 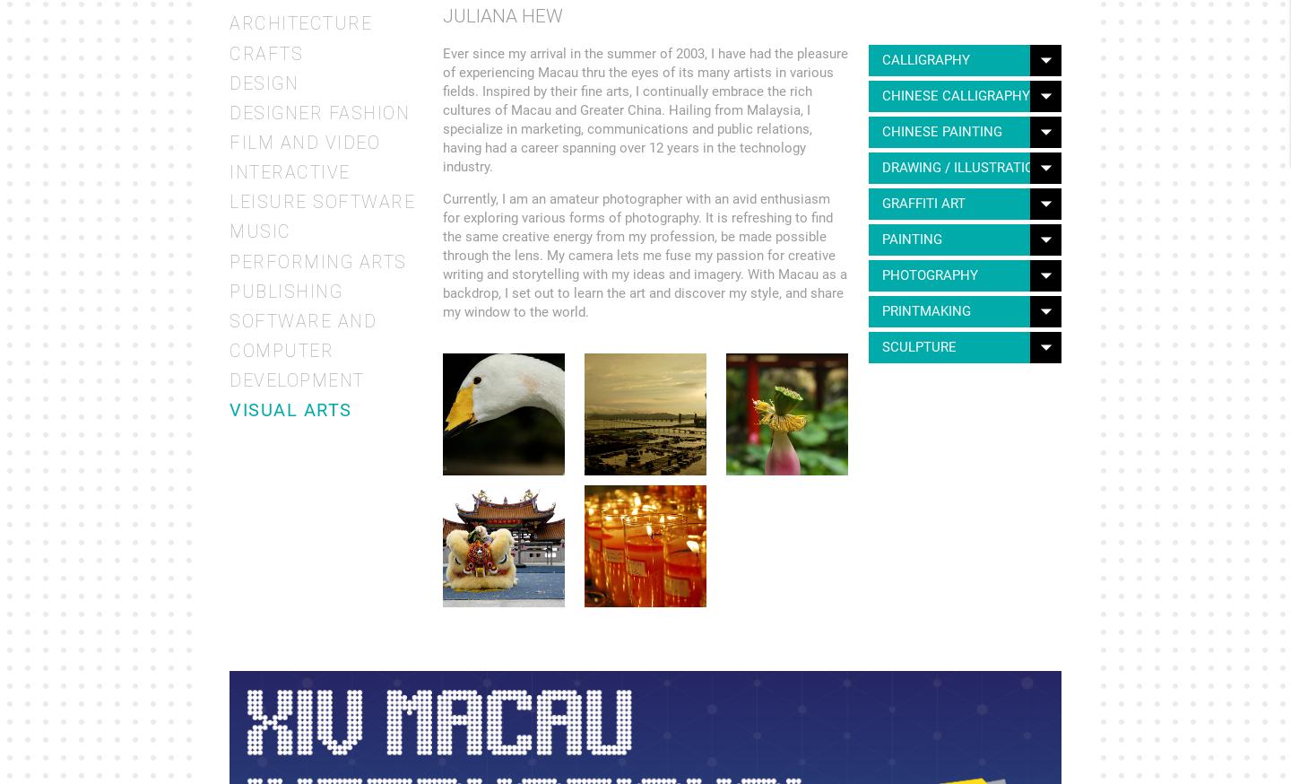 I want to click on 'Performing Arts', so click(x=229, y=261).